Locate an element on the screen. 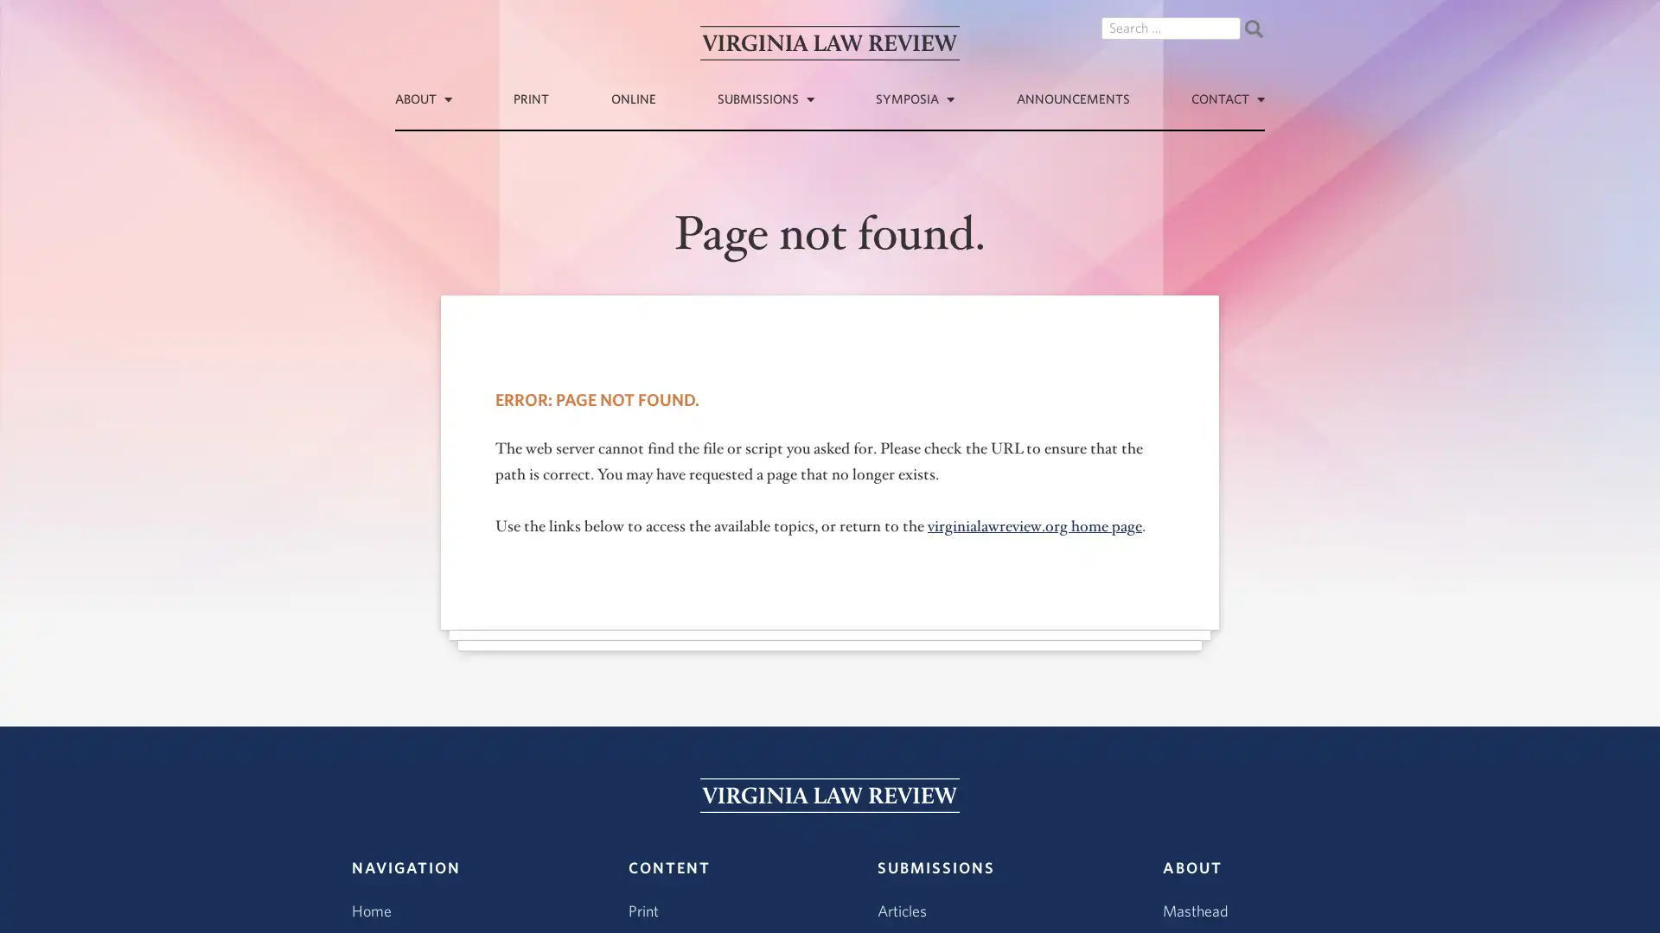 The height and width of the screenshot is (933, 1660). Search is located at coordinates (1253, 29).